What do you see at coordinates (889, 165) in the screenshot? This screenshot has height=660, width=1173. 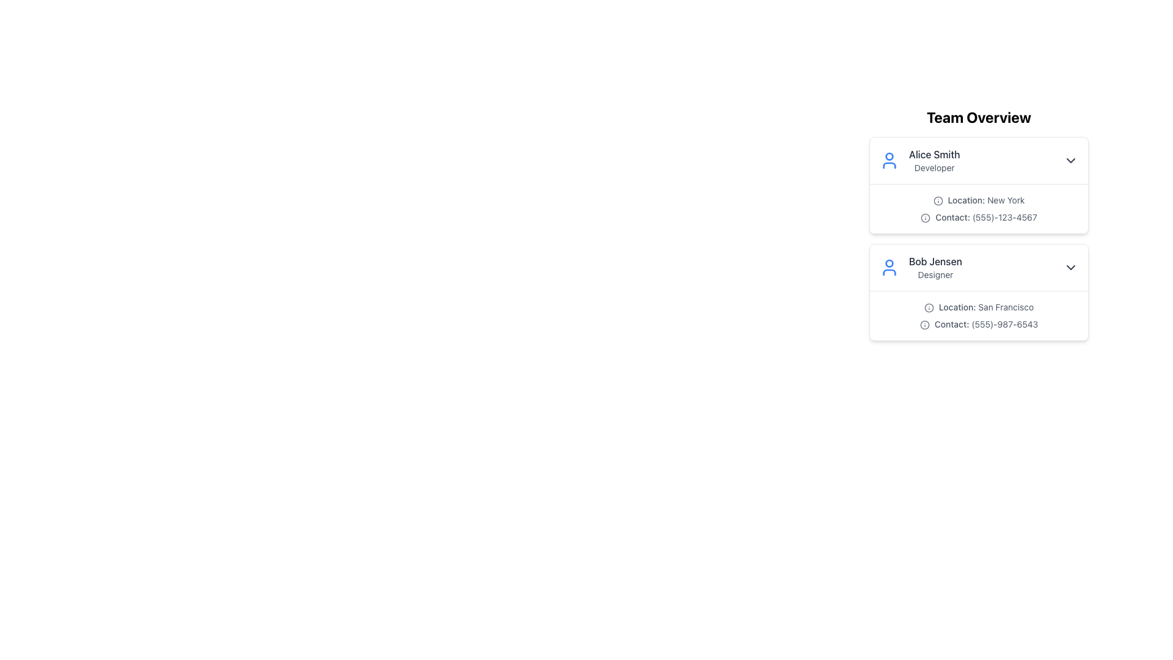 I see `the lower component of the user representation in the SVG icon, which is visually associated with the 'Alice Smith' text under 'Team Overview'` at bounding box center [889, 165].